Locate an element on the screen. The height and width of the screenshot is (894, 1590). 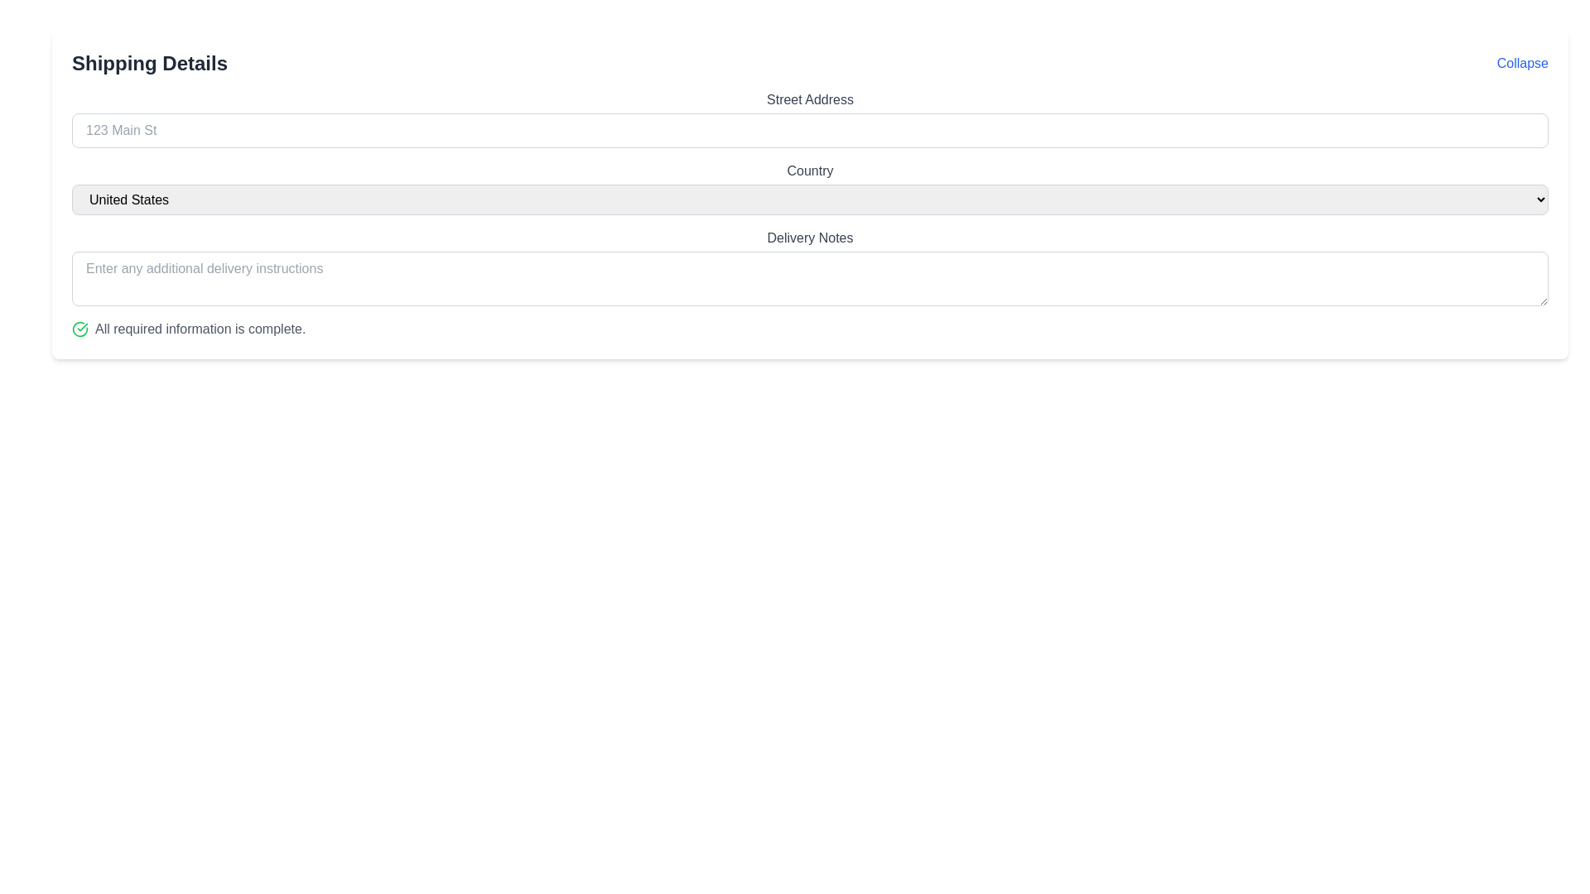
an option from the country dropdown menu located below the 'Country' label and above the 'Delivery Notes' input area is located at coordinates (810, 199).